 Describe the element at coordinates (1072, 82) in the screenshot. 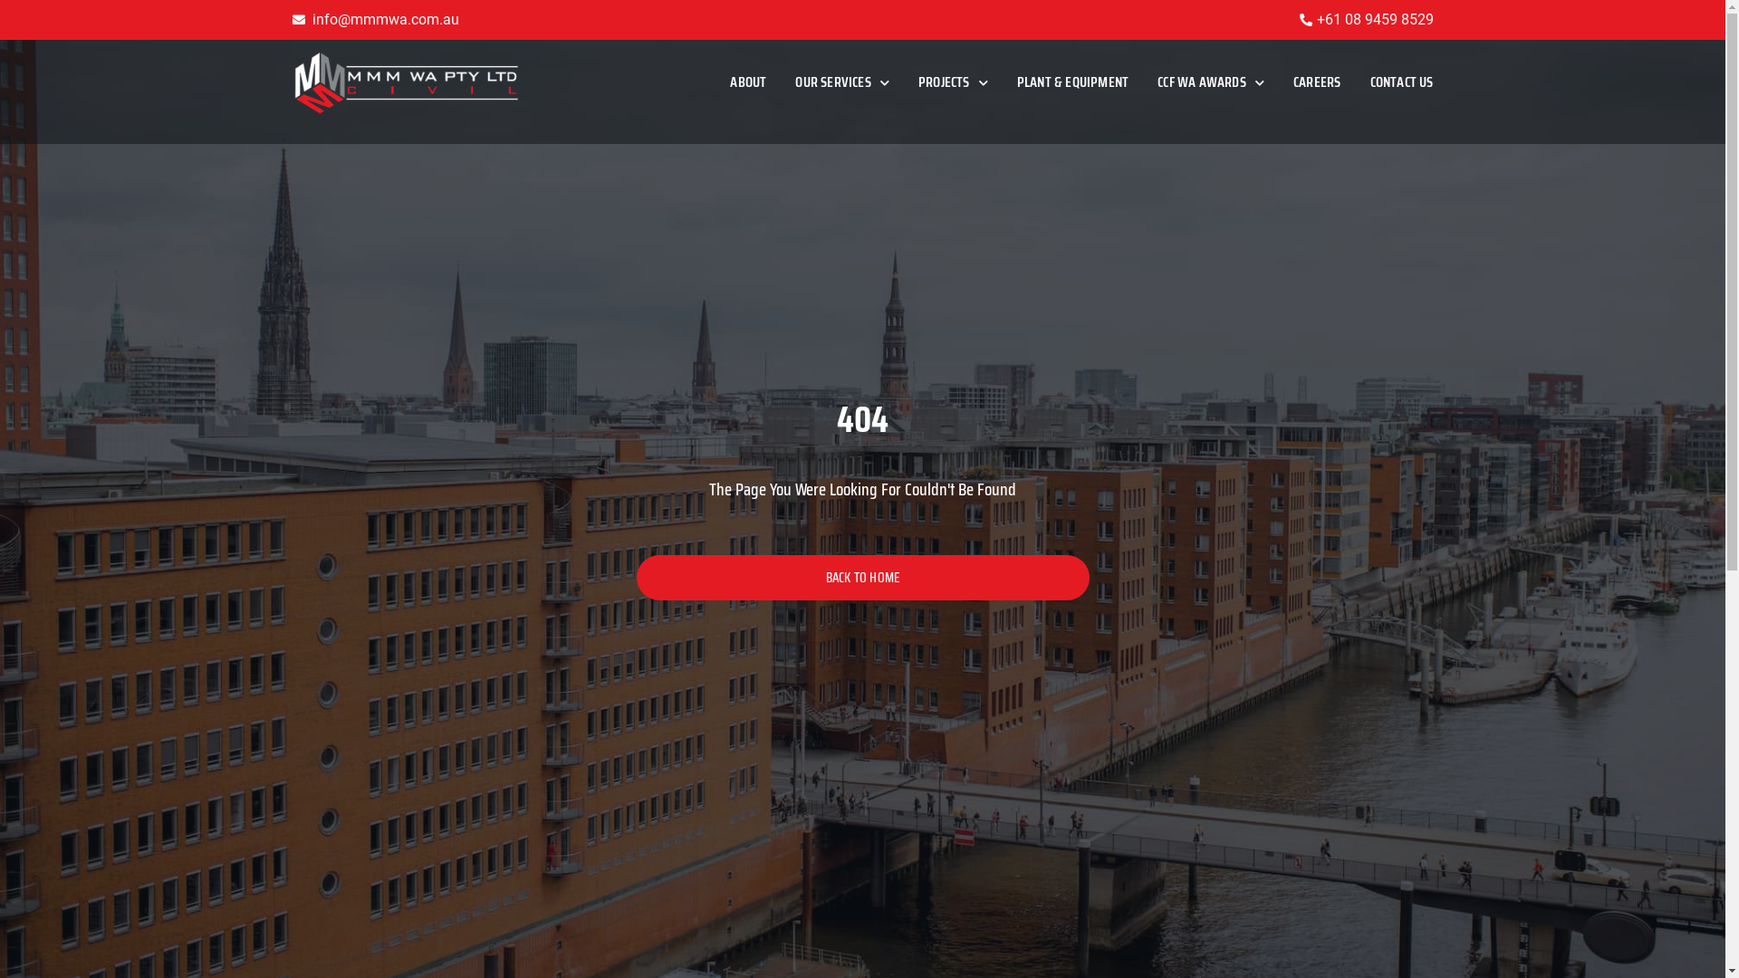

I see `'PLANT & EQUIPMENT'` at that location.